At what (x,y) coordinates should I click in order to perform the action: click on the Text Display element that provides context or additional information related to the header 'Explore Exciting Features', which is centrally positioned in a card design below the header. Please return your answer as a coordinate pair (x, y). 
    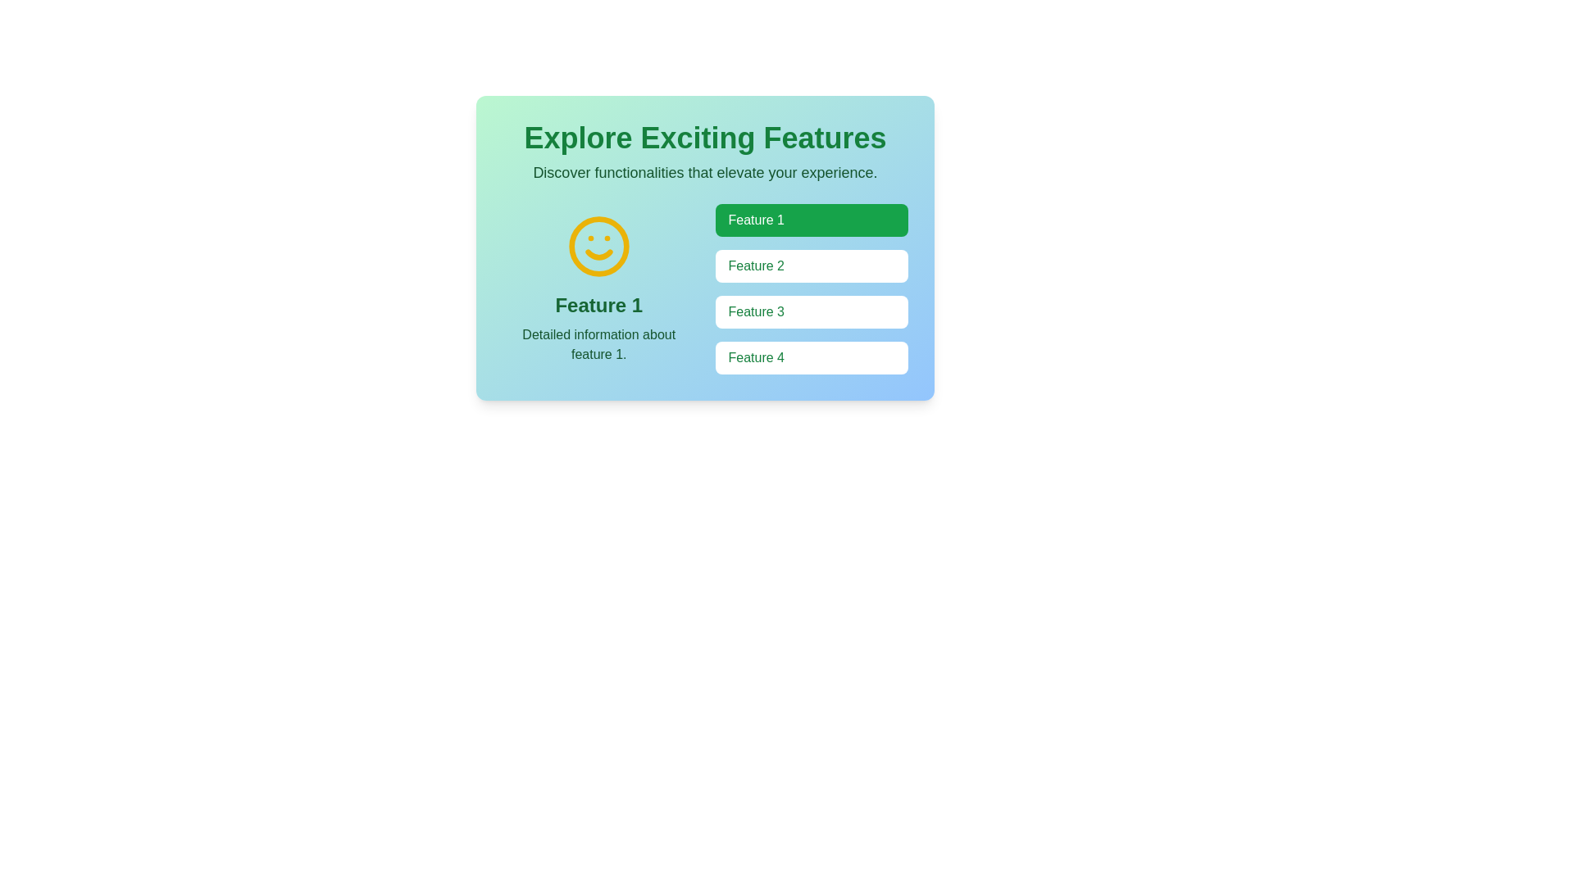
    Looking at the image, I should click on (705, 173).